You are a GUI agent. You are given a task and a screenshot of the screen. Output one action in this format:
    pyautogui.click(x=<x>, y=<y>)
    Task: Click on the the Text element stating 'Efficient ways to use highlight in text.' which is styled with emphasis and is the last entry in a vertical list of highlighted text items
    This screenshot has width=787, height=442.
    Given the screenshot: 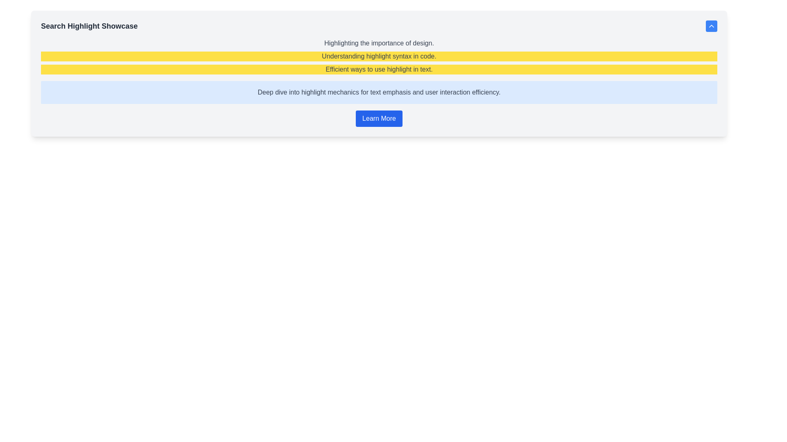 What is the action you would take?
    pyautogui.click(x=379, y=69)
    